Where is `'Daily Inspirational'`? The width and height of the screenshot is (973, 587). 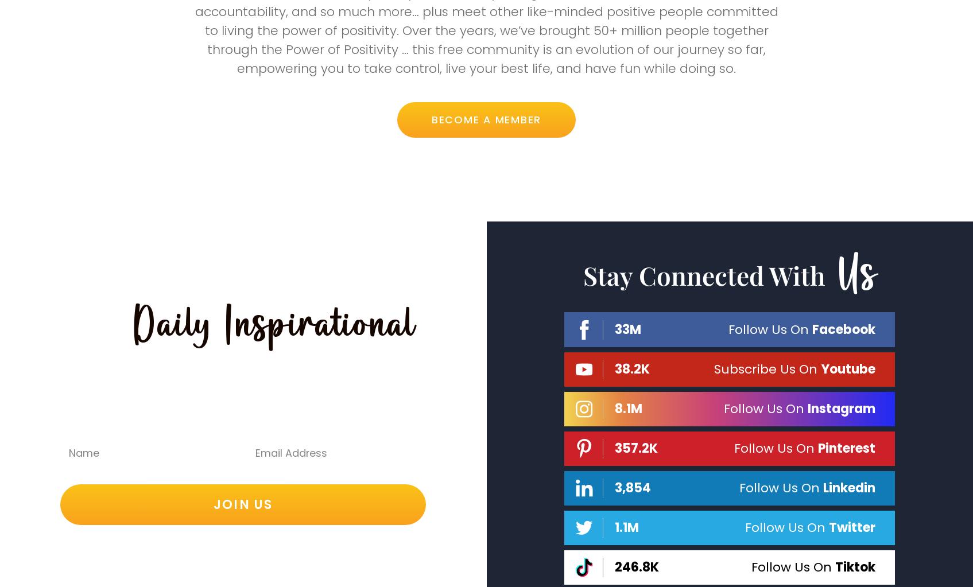 'Daily Inspirational' is located at coordinates (272, 349).